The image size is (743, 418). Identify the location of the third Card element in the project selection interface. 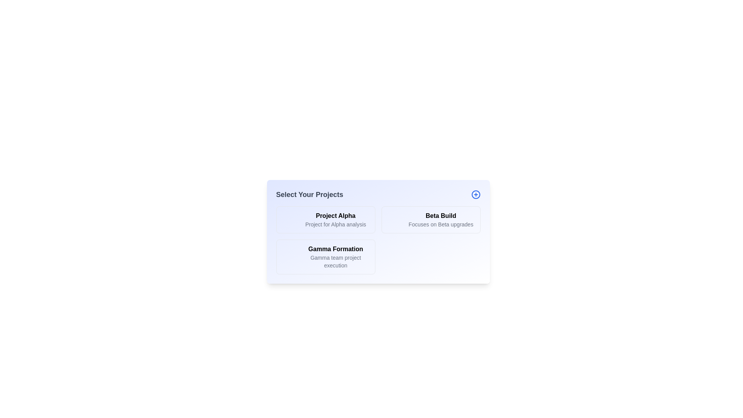
(325, 257).